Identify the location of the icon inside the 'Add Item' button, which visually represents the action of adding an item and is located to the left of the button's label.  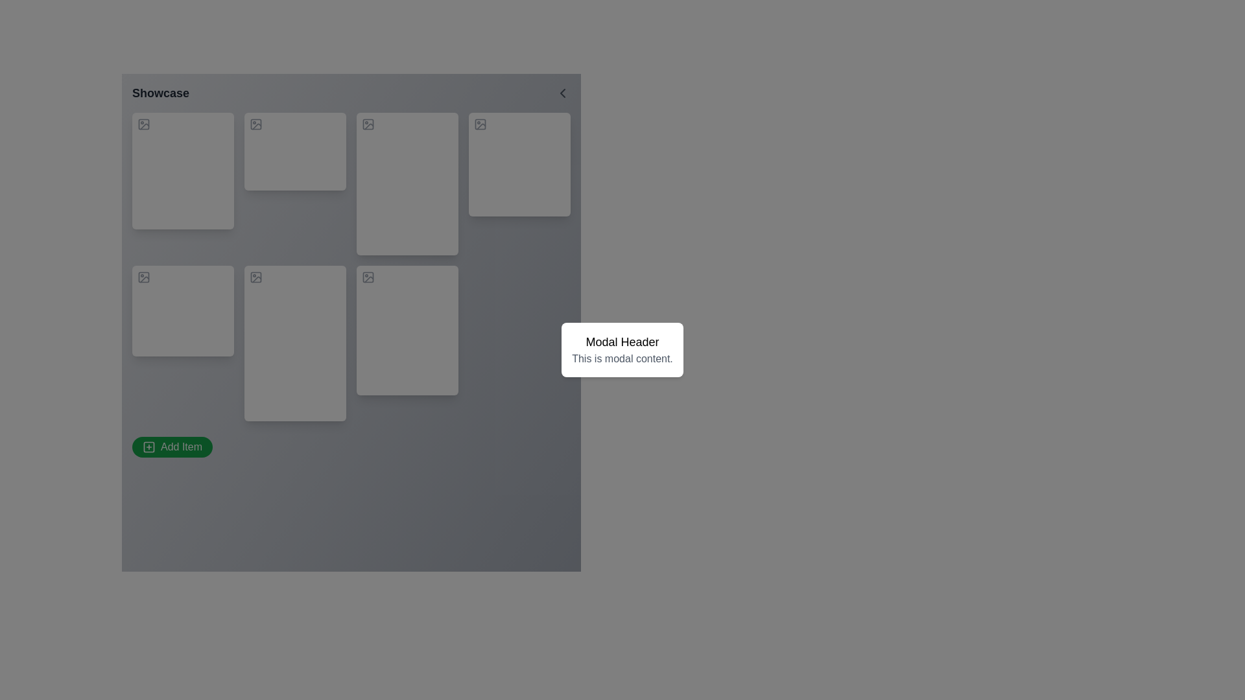
(149, 447).